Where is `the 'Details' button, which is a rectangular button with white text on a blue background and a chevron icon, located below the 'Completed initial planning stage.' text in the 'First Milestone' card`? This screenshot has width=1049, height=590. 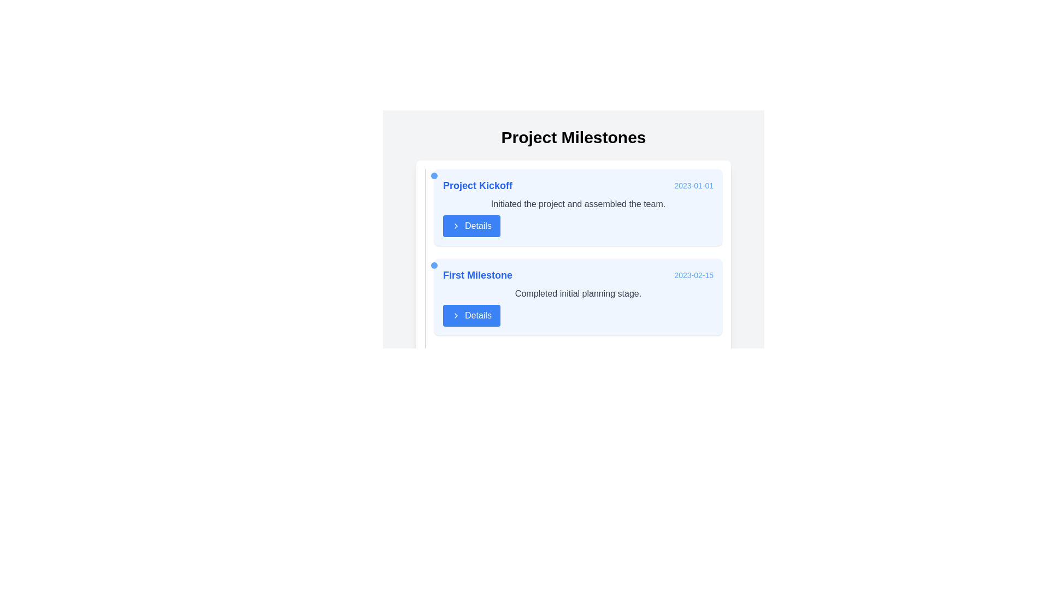
the 'Details' button, which is a rectangular button with white text on a blue background and a chevron icon, located below the 'Completed initial planning stage.' text in the 'First Milestone' card is located at coordinates (472, 316).